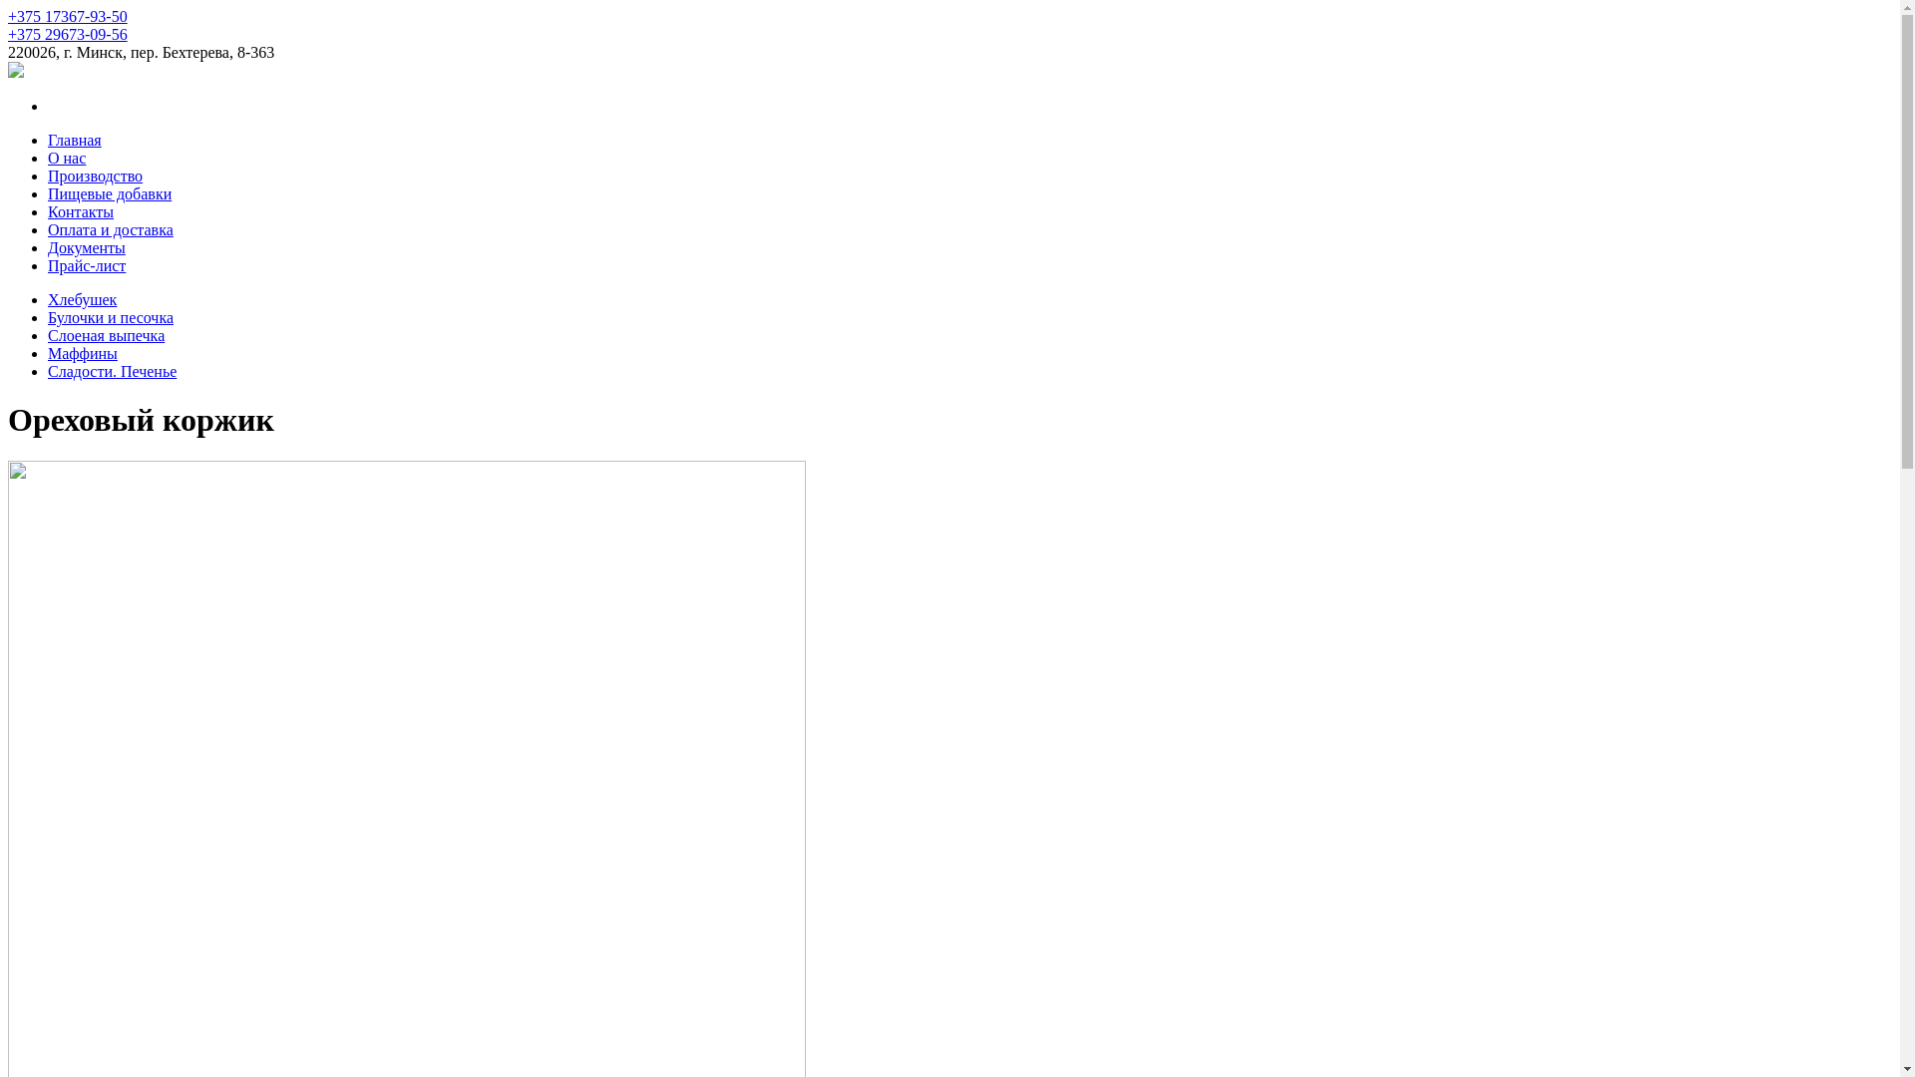 Image resolution: width=1915 pixels, height=1077 pixels. What do you see at coordinates (67, 16) in the screenshot?
I see `'+375 17367-93-50'` at bounding box center [67, 16].